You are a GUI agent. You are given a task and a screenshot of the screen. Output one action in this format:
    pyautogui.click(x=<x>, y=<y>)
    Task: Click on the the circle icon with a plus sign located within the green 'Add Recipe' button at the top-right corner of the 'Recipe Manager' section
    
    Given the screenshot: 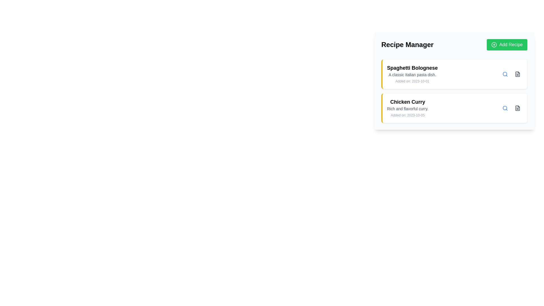 What is the action you would take?
    pyautogui.click(x=494, y=44)
    